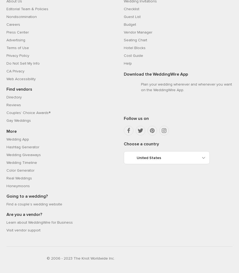 This screenshot has height=273, width=239. Describe the element at coordinates (17, 32) in the screenshot. I see `'Press Center'` at that location.